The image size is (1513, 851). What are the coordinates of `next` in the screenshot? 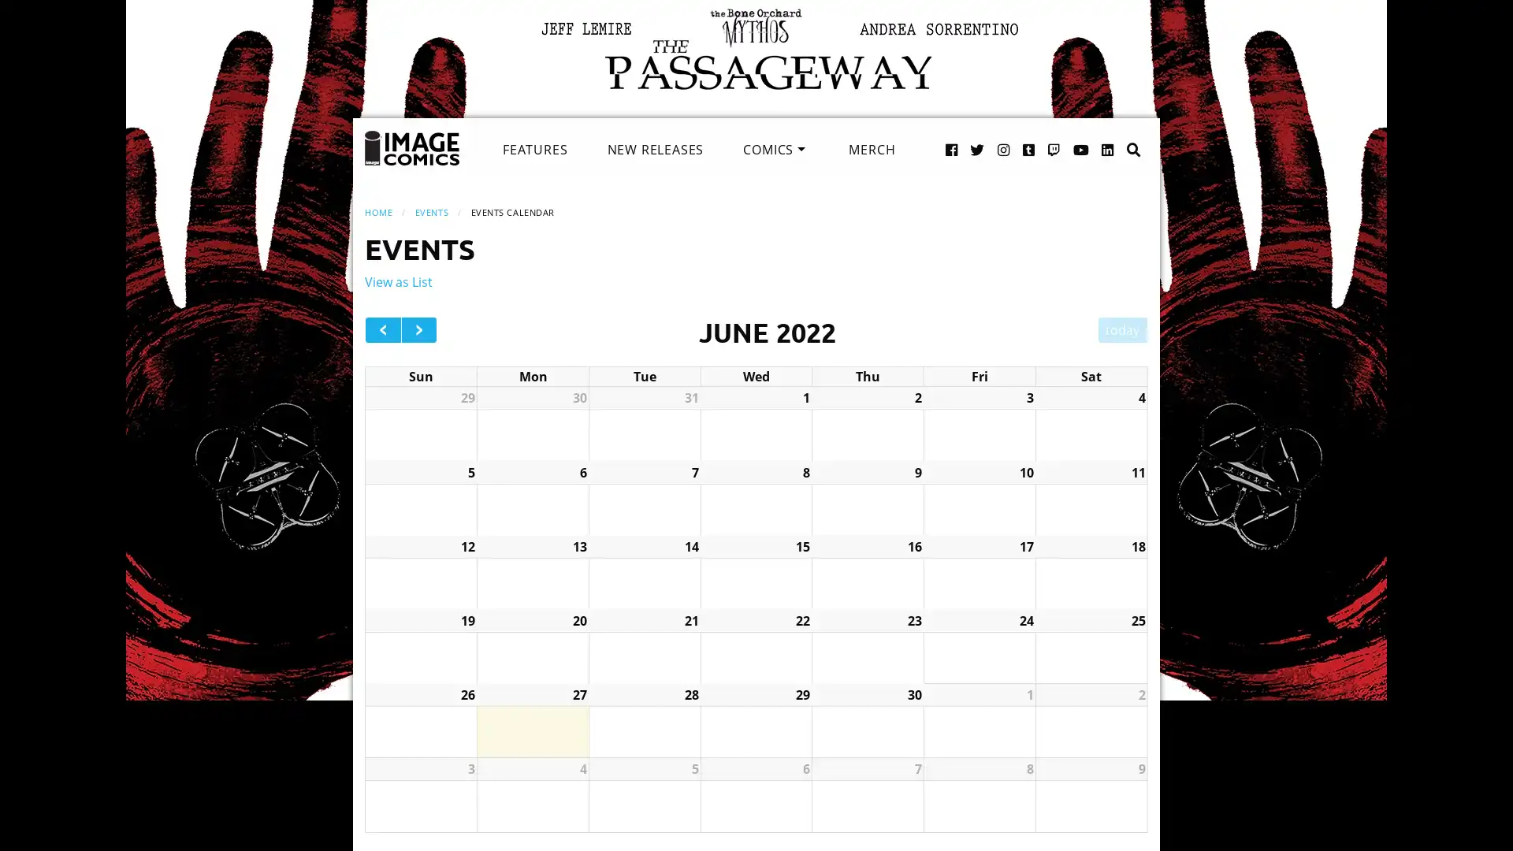 It's located at (418, 329).